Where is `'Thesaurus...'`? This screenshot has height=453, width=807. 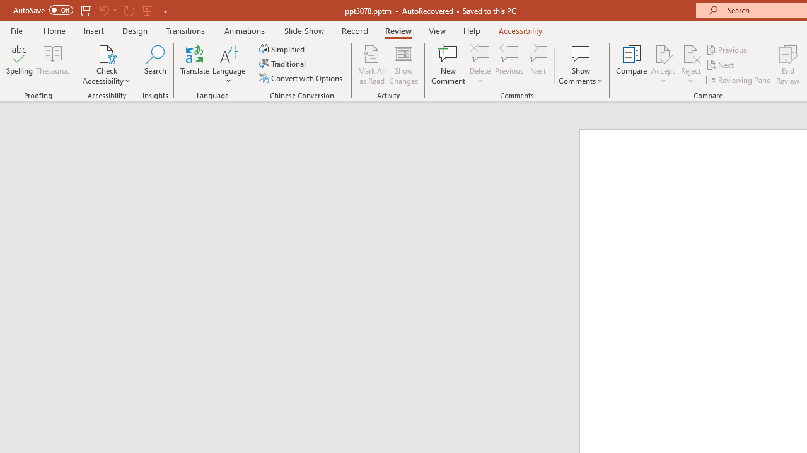 'Thesaurus...' is located at coordinates (52, 65).